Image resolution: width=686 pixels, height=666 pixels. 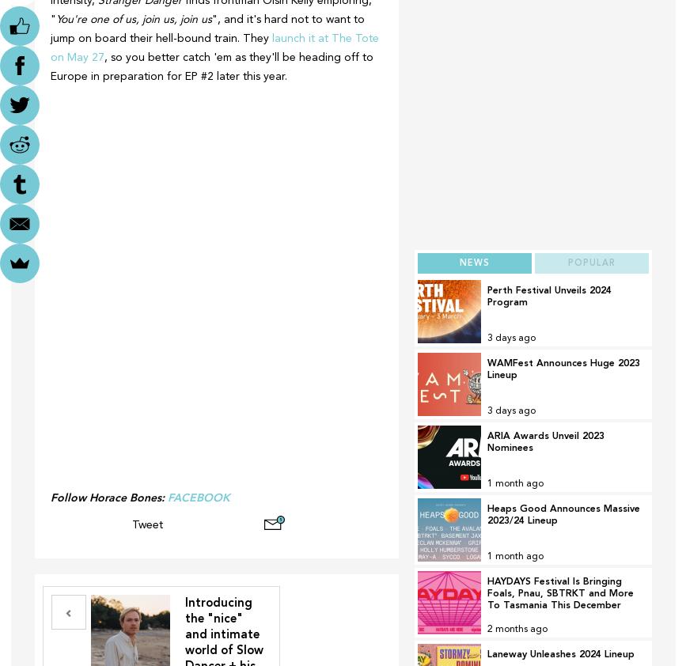 I want to click on 'News', so click(x=473, y=263).